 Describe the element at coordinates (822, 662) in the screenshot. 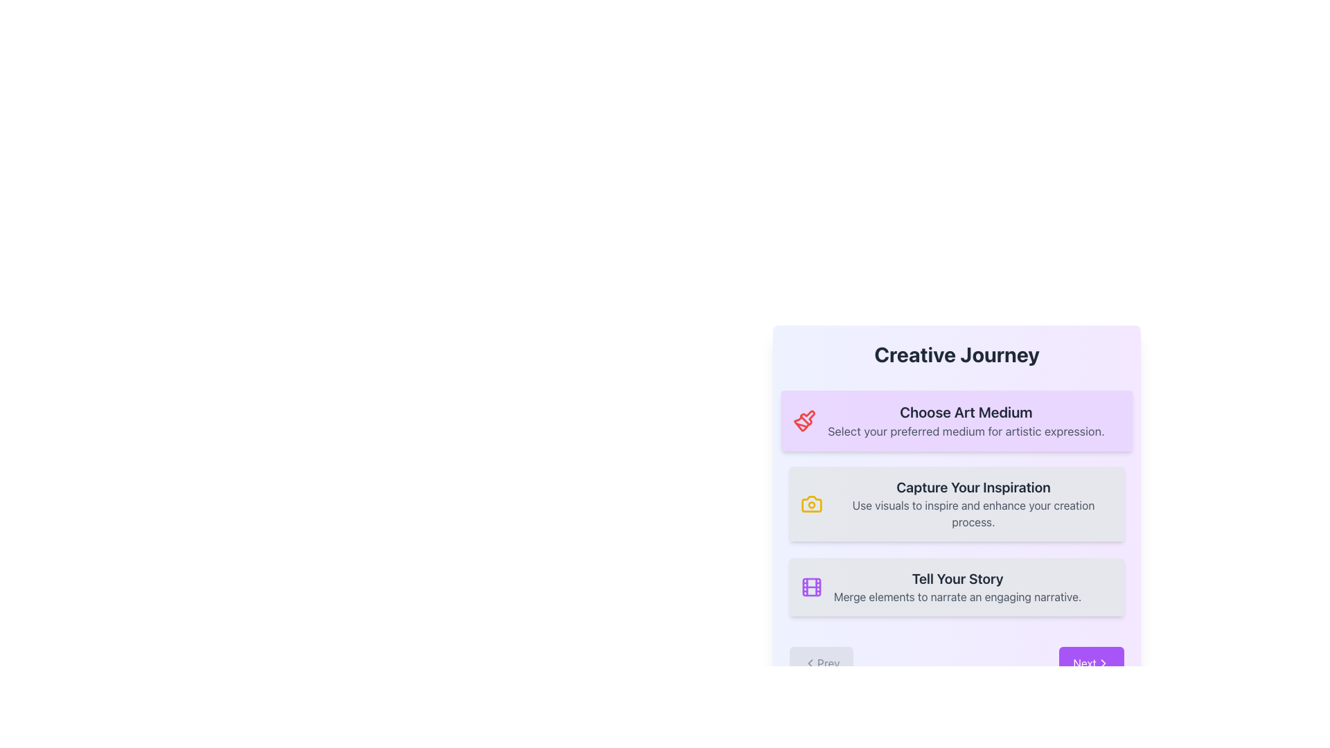

I see `the 'Prev' button located at the bottom-left corner of the navigation panel` at that location.